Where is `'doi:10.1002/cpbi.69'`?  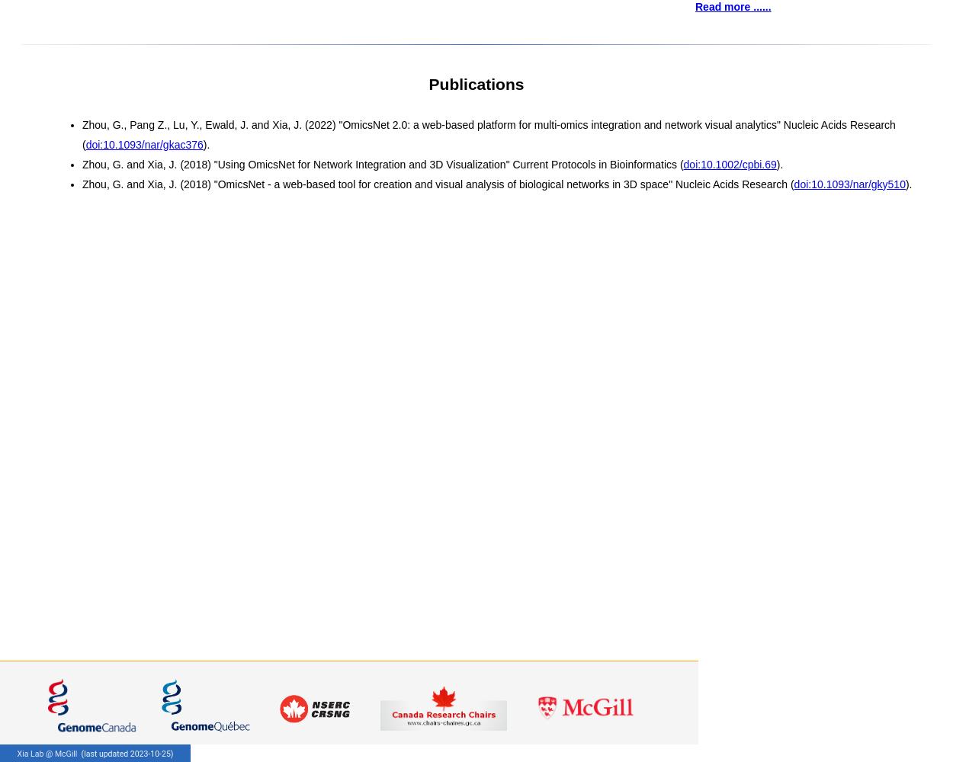
'doi:10.1002/cpbi.69' is located at coordinates (728, 163).